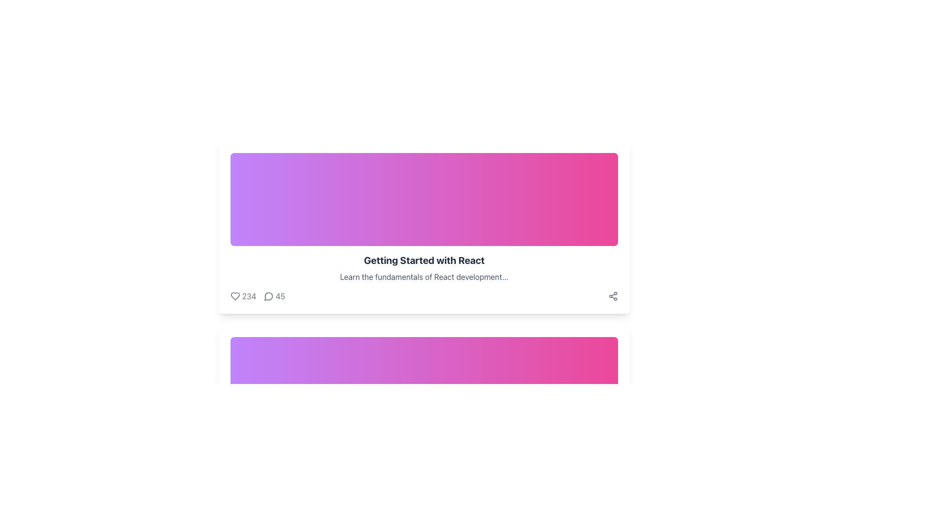 This screenshot has width=930, height=523. What do you see at coordinates (243, 296) in the screenshot?
I see `the interactive UI element featuring a heart icon and the numeric label '234'` at bounding box center [243, 296].